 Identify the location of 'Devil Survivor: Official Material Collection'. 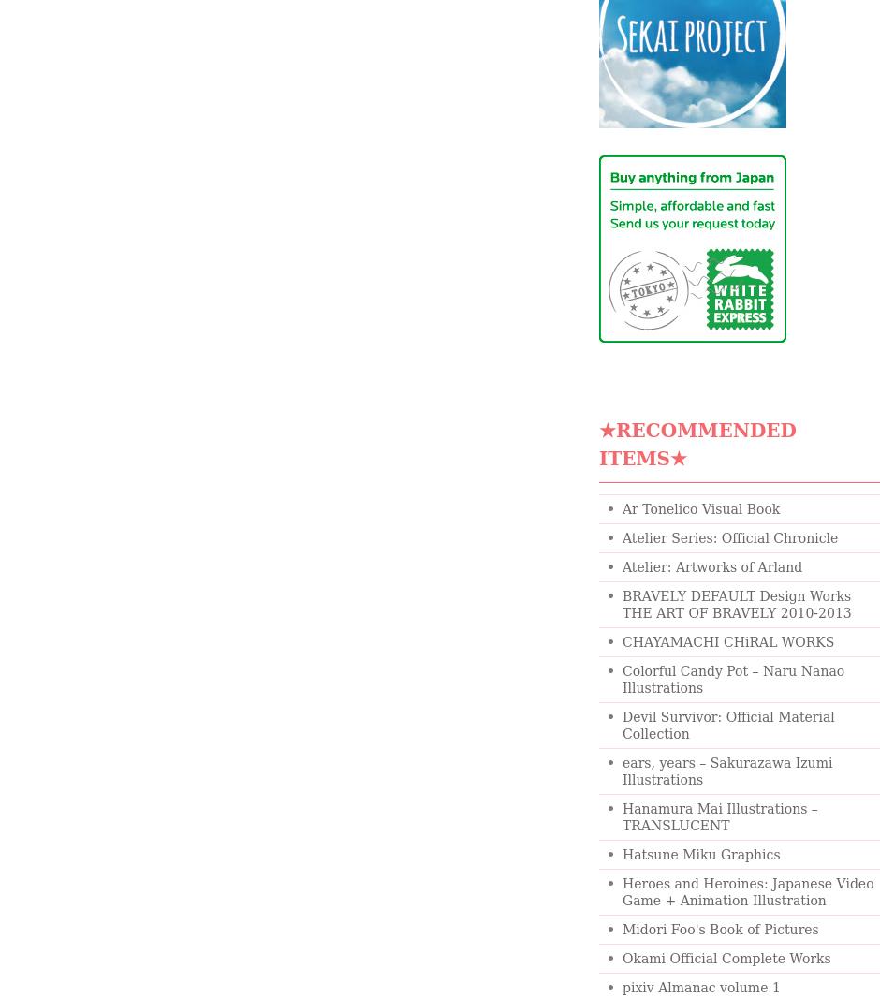
(622, 724).